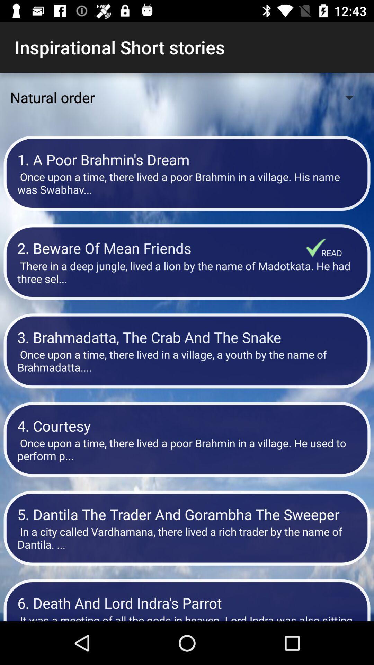 This screenshot has height=665, width=374. Describe the element at coordinates (331, 252) in the screenshot. I see `the icon to the right of the 2 beware of item` at that location.